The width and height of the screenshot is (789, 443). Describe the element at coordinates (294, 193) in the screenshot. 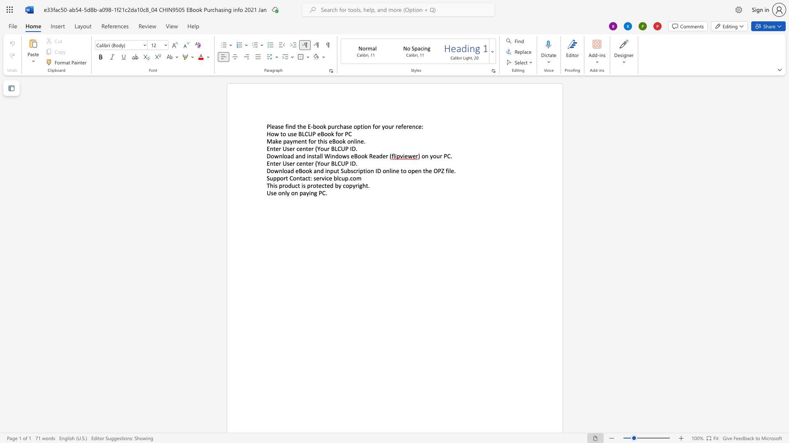

I see `the subset text "n payi" within the text "Use only on paying PC."` at that location.